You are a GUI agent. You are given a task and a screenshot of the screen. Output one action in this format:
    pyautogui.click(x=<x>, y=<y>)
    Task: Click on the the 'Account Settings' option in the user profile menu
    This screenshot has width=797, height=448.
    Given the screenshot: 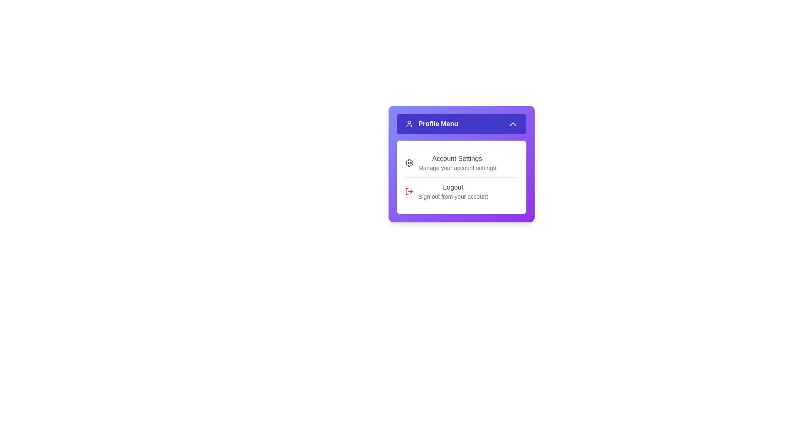 What is the action you would take?
    pyautogui.click(x=461, y=163)
    